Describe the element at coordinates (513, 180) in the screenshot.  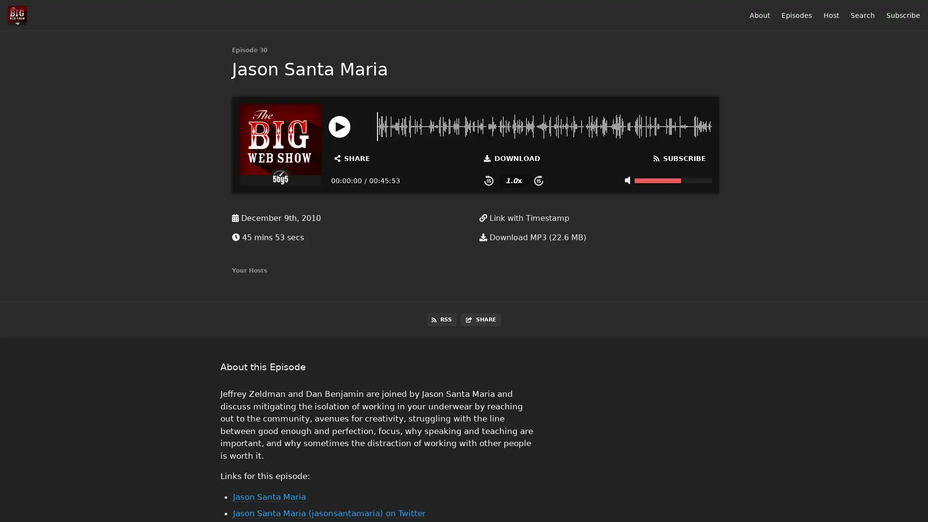
I see `Change Playback Speed` at that location.